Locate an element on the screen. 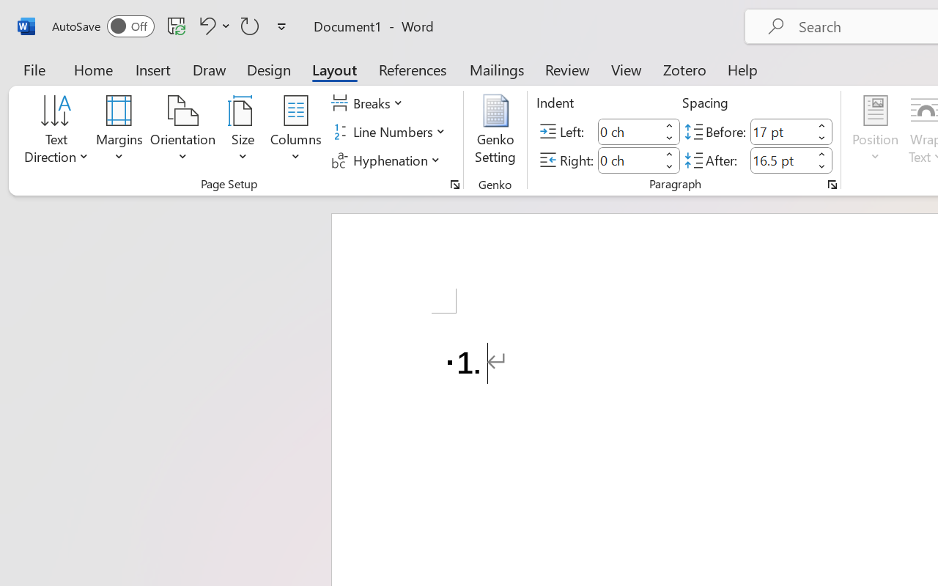 The image size is (938, 586). 'Margins' is located at coordinates (119, 131).